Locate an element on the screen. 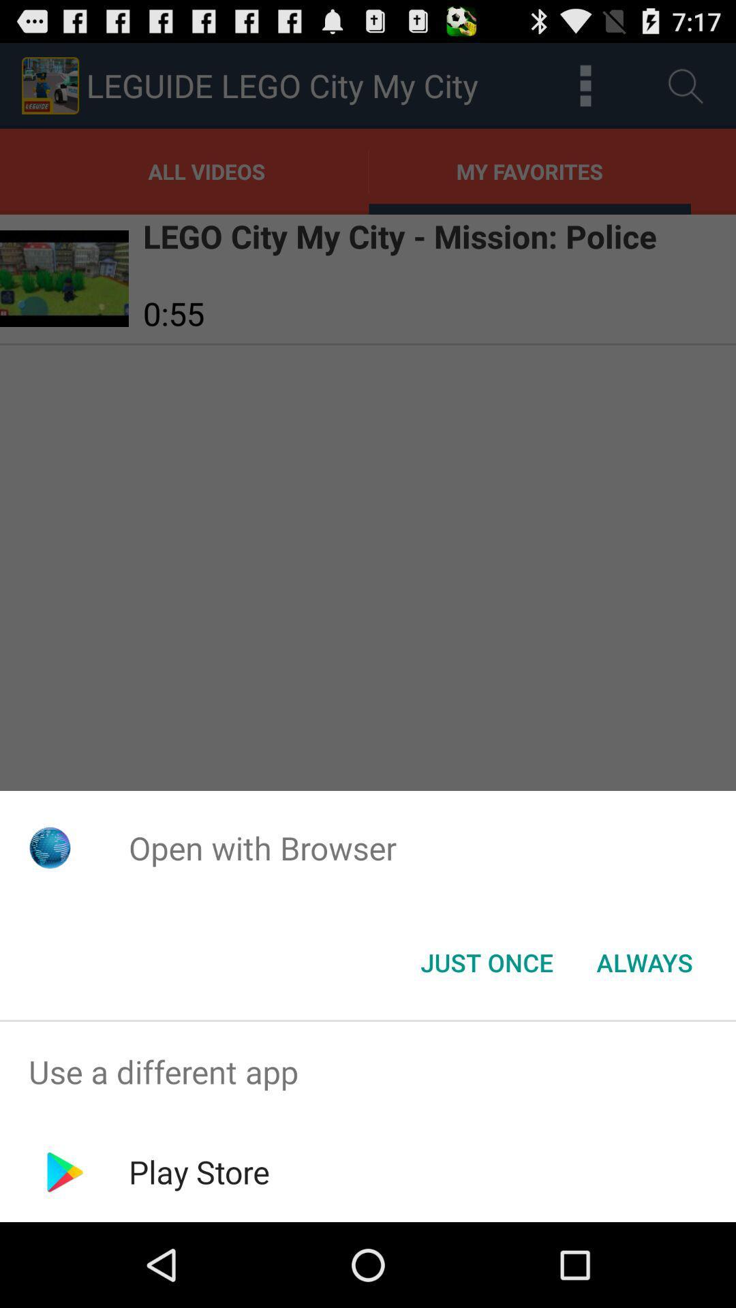 This screenshot has width=736, height=1308. the item to the right of the just once is located at coordinates (644, 961).